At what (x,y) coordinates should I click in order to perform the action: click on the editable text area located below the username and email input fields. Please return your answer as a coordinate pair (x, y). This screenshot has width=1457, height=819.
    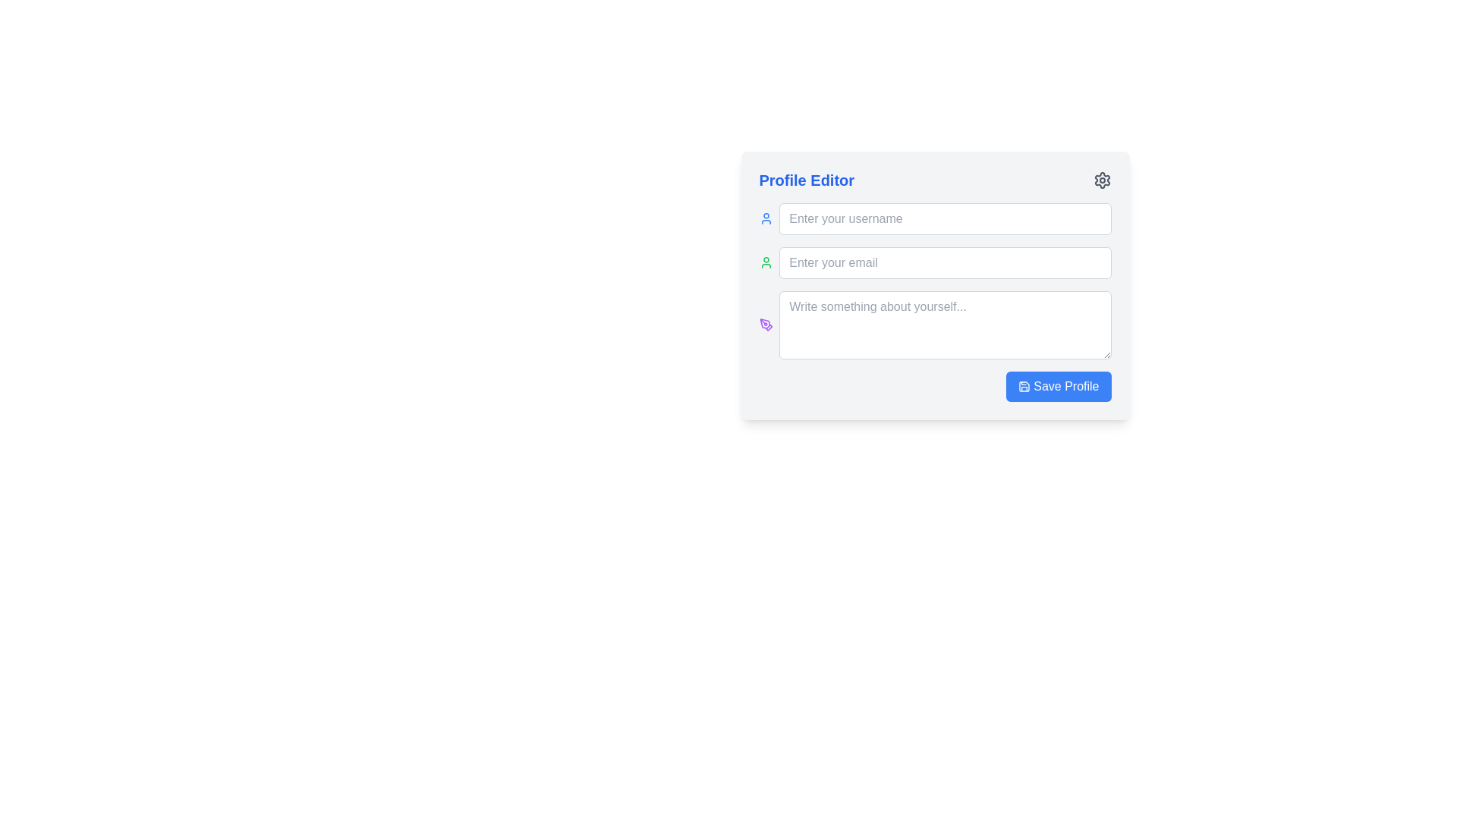
    Looking at the image, I should click on (944, 324).